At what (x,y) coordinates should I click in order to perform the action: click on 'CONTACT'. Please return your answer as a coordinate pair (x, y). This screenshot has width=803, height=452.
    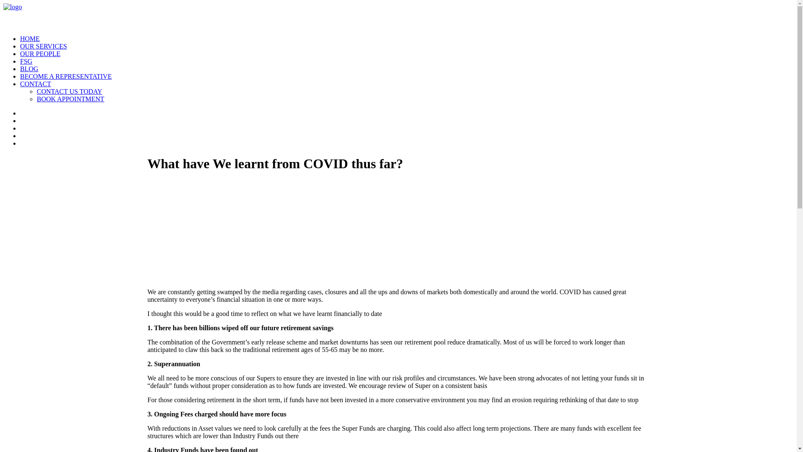
    Looking at the image, I should click on (35, 84).